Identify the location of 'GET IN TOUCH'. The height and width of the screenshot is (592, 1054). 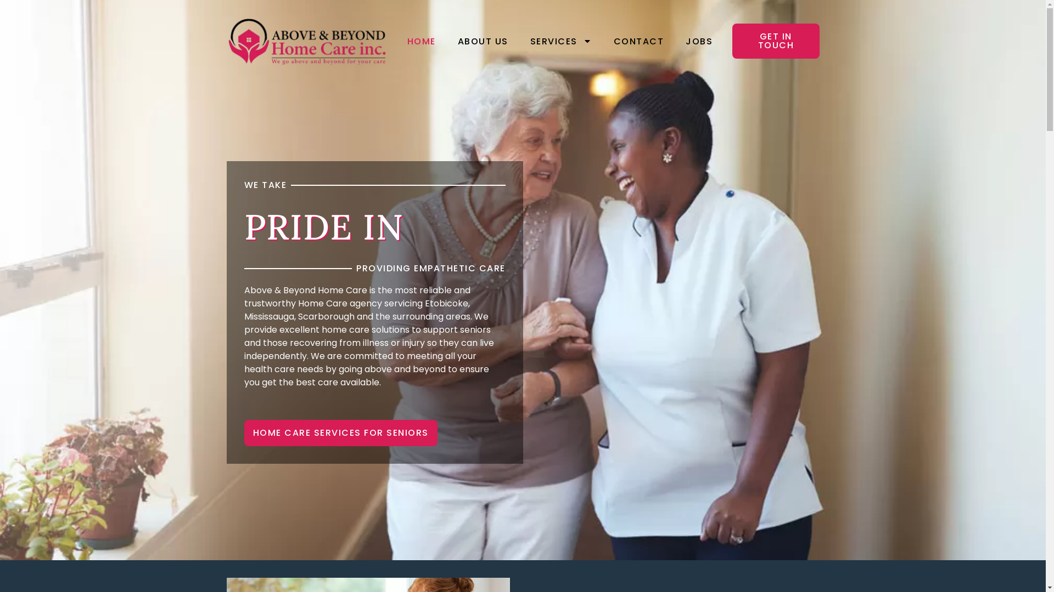
(775, 40).